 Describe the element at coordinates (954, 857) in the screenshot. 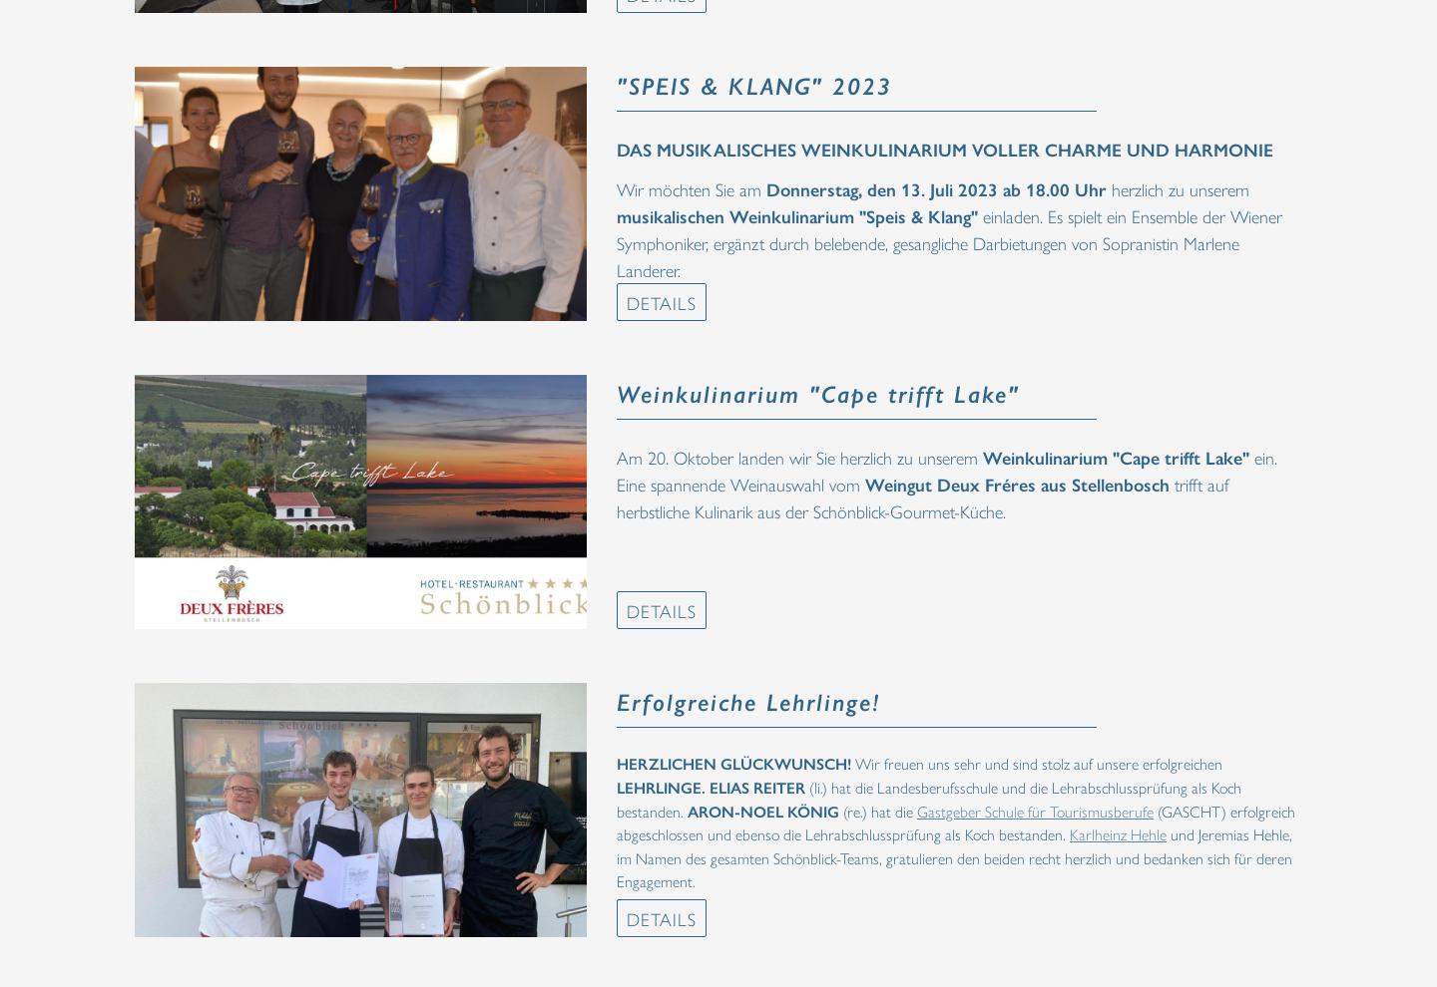

I see `'und Jeremias Hehle, im Namen des gesamten Schönblick-Teams, gratulieren den beiden recht herzlich und bedanken sich für deren Engagement.'` at that location.